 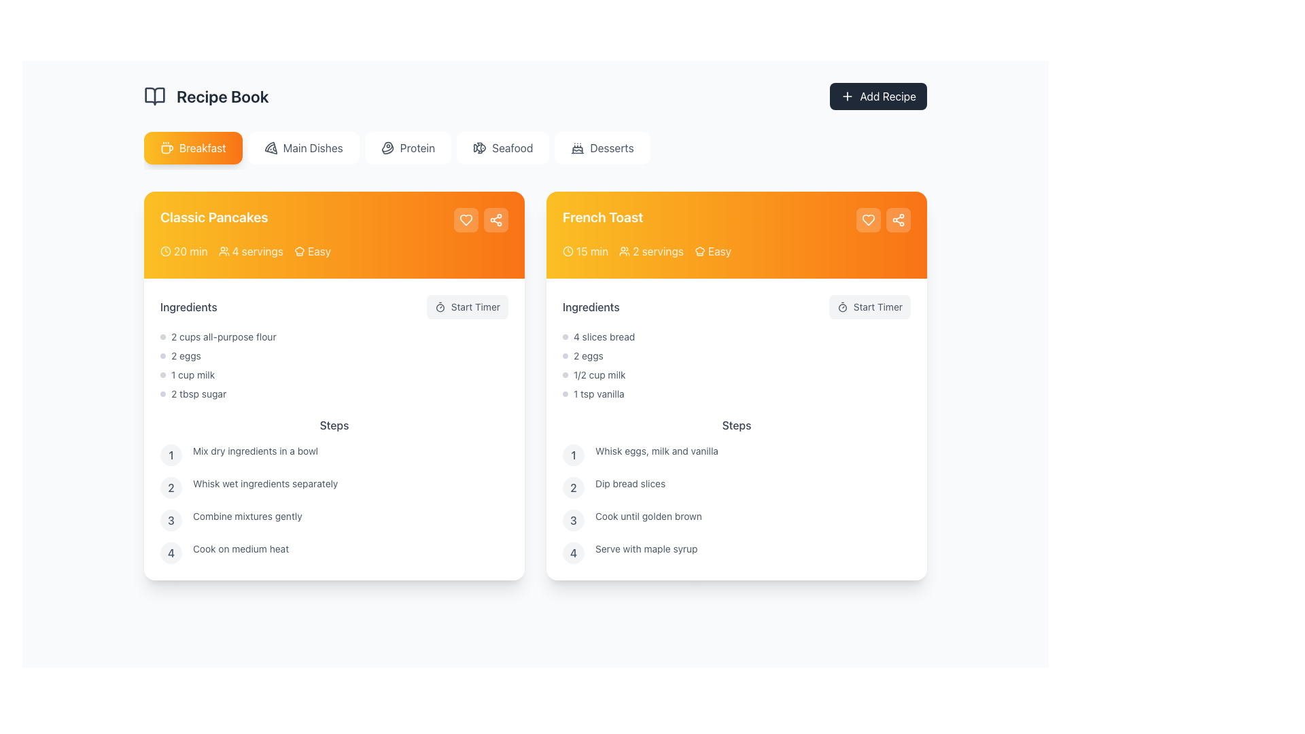 What do you see at coordinates (171, 487) in the screenshot?
I see `the circular badge displaying the number '2' with a gray background, which indicates the second step in the 'Classic Pancakes' recipe card, positioned to the left of the text 'Whisk wet ingredients separately.'` at bounding box center [171, 487].